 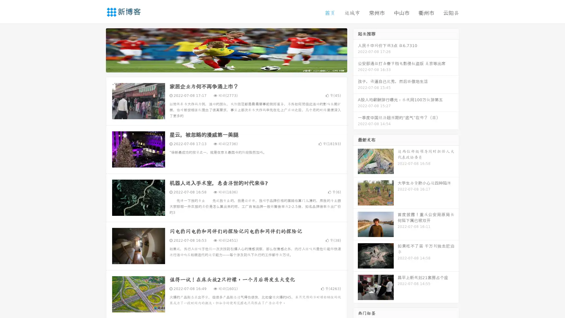 I want to click on Go to slide 2, so click(x=226, y=66).